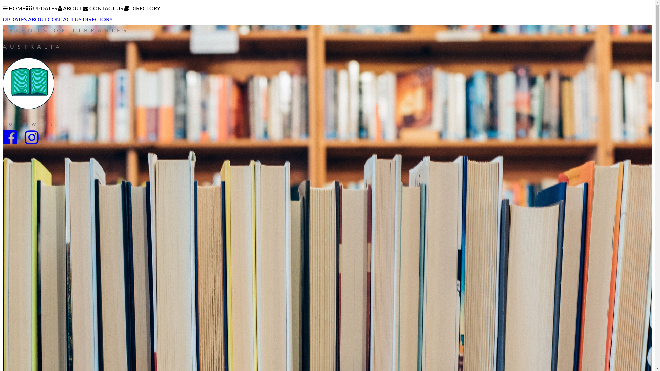 The height and width of the screenshot is (371, 660). I want to click on 'ABOUT', so click(58, 8).